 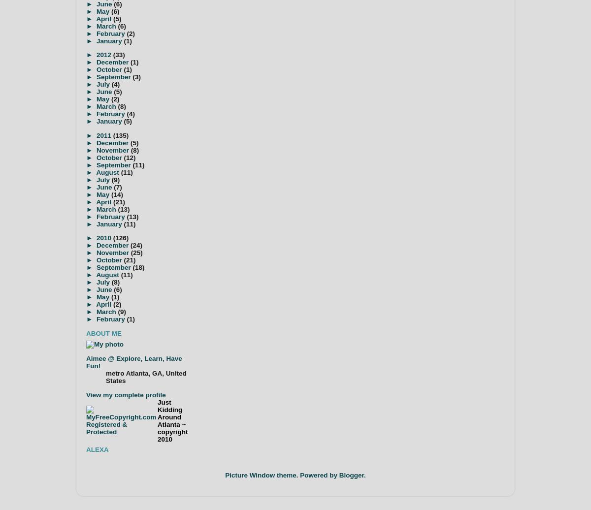 What do you see at coordinates (85, 362) in the screenshot?
I see `'Aimee @ Explore, Learn, Have Fun!'` at bounding box center [85, 362].